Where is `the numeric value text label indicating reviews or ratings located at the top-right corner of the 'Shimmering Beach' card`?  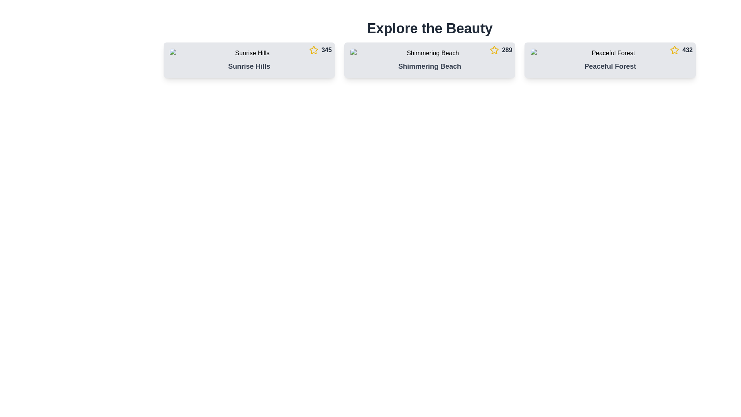 the numeric value text label indicating reviews or ratings located at the top-right corner of the 'Shimmering Beach' card is located at coordinates (507, 50).